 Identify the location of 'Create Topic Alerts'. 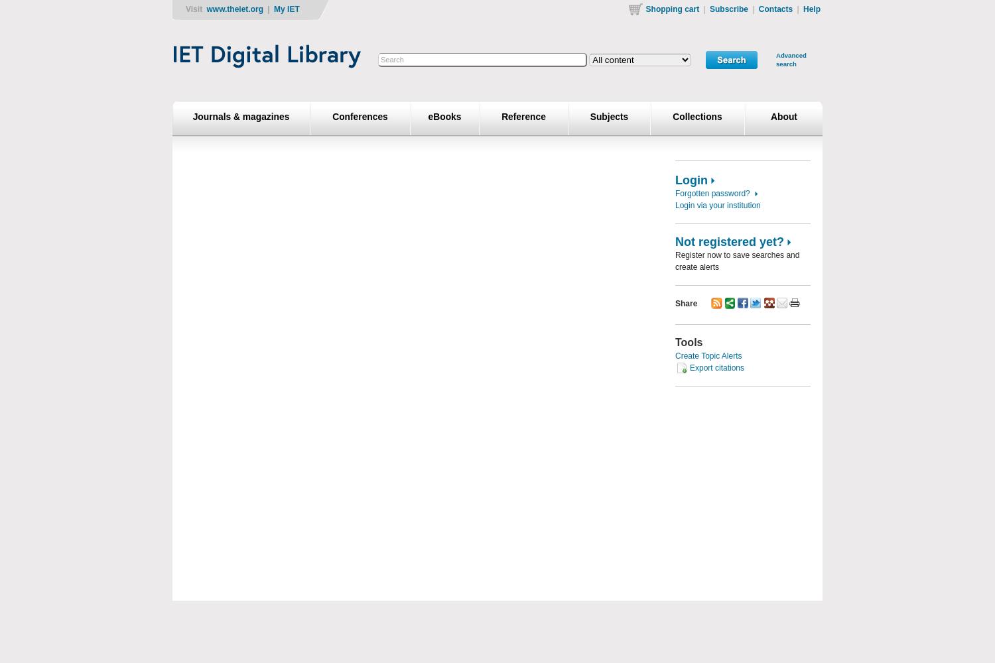
(708, 356).